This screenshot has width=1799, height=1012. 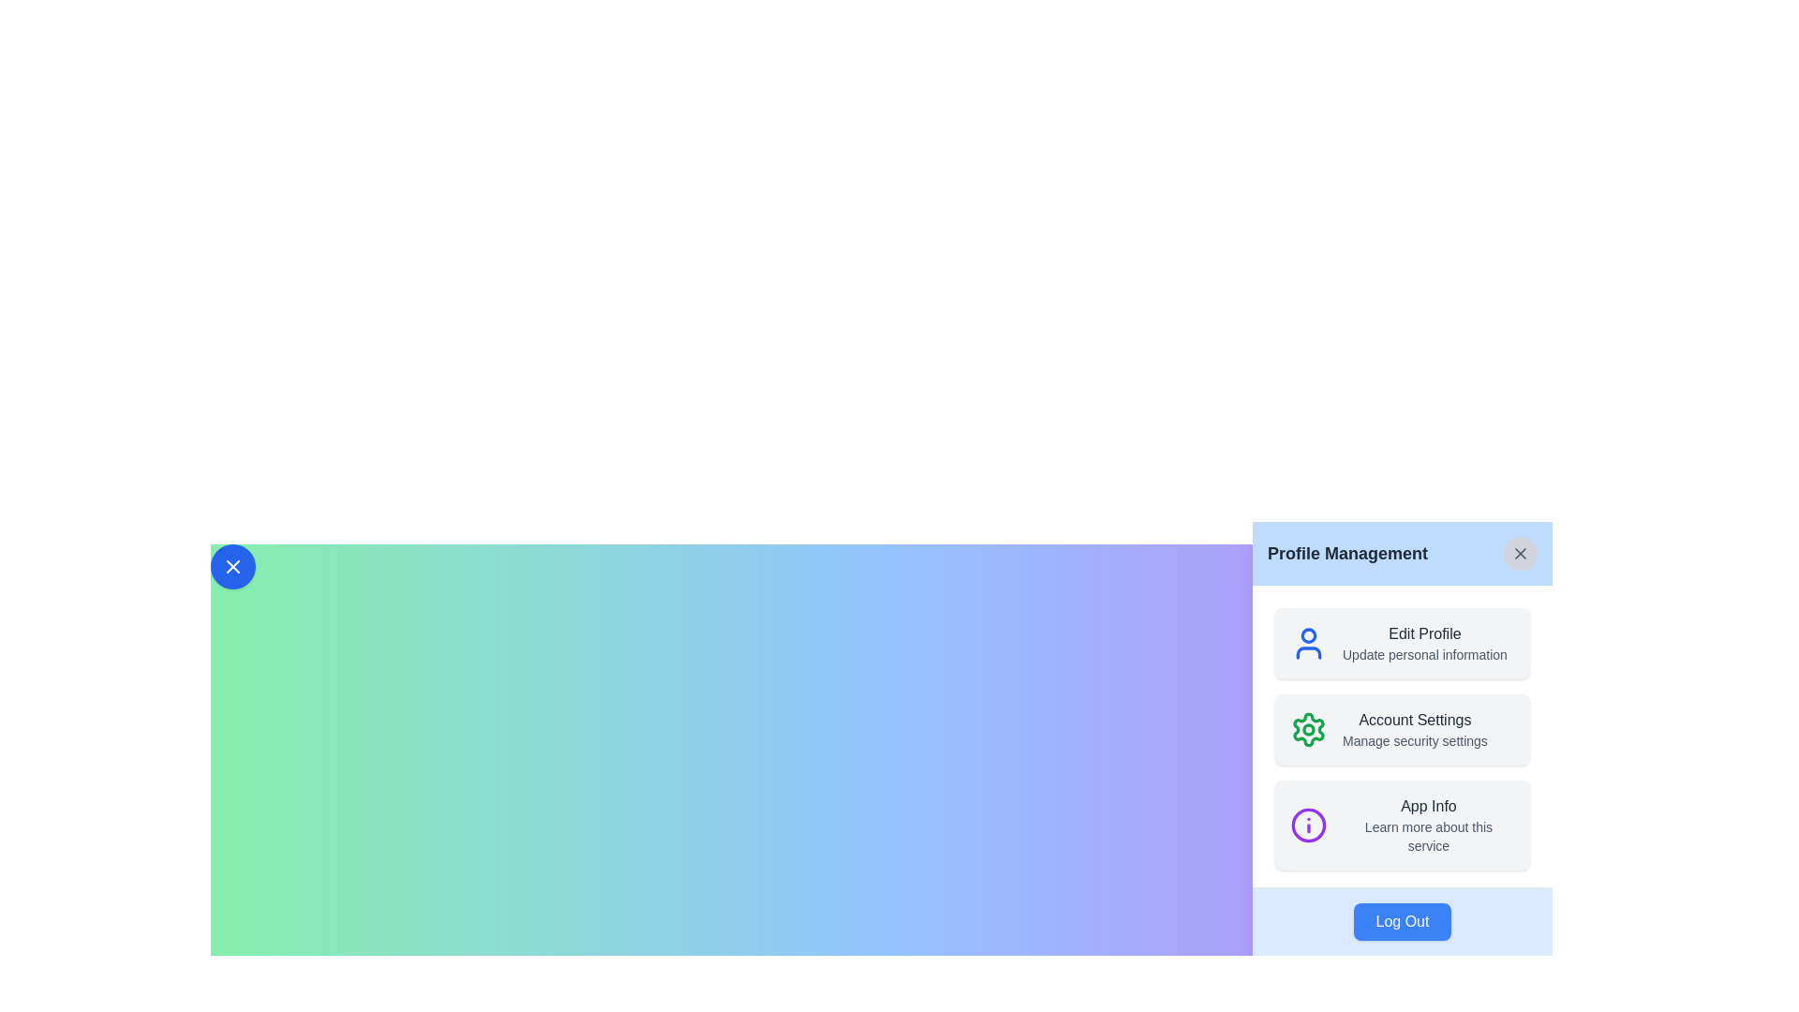 What do you see at coordinates (232, 566) in the screenshot?
I see `the 'X' icon used for closing or dismissing the Profile Management panel, located in the top-right corner of the panel header` at bounding box center [232, 566].